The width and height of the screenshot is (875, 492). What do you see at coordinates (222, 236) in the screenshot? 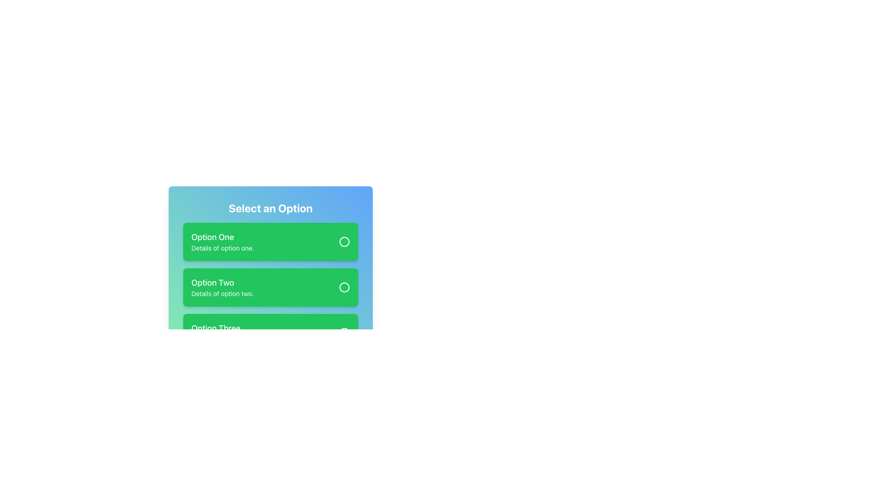
I see `the text label displaying 'Option One' which is prominently styled in bold white font against a green background` at bounding box center [222, 236].